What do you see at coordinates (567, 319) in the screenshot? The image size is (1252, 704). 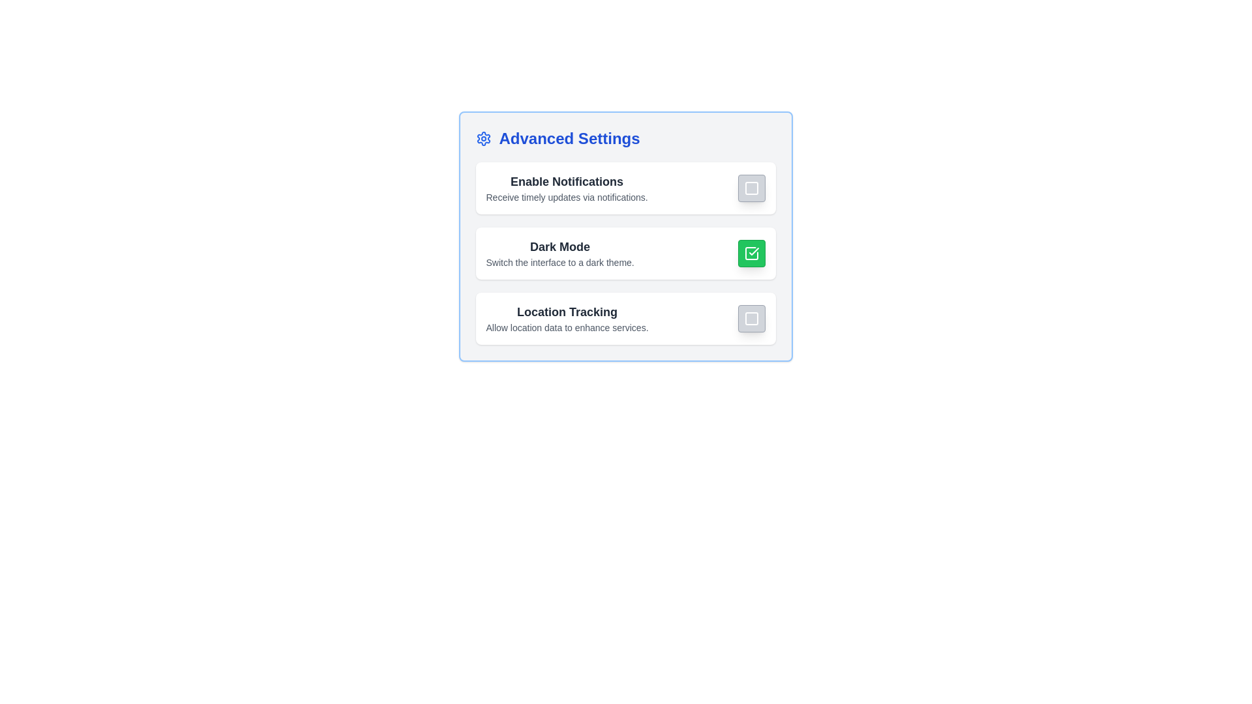 I see `title and description of the Text block related to location tracking, which is located in the third row of the settings list, below 'Dark Mode' and above a checkbox` at bounding box center [567, 319].